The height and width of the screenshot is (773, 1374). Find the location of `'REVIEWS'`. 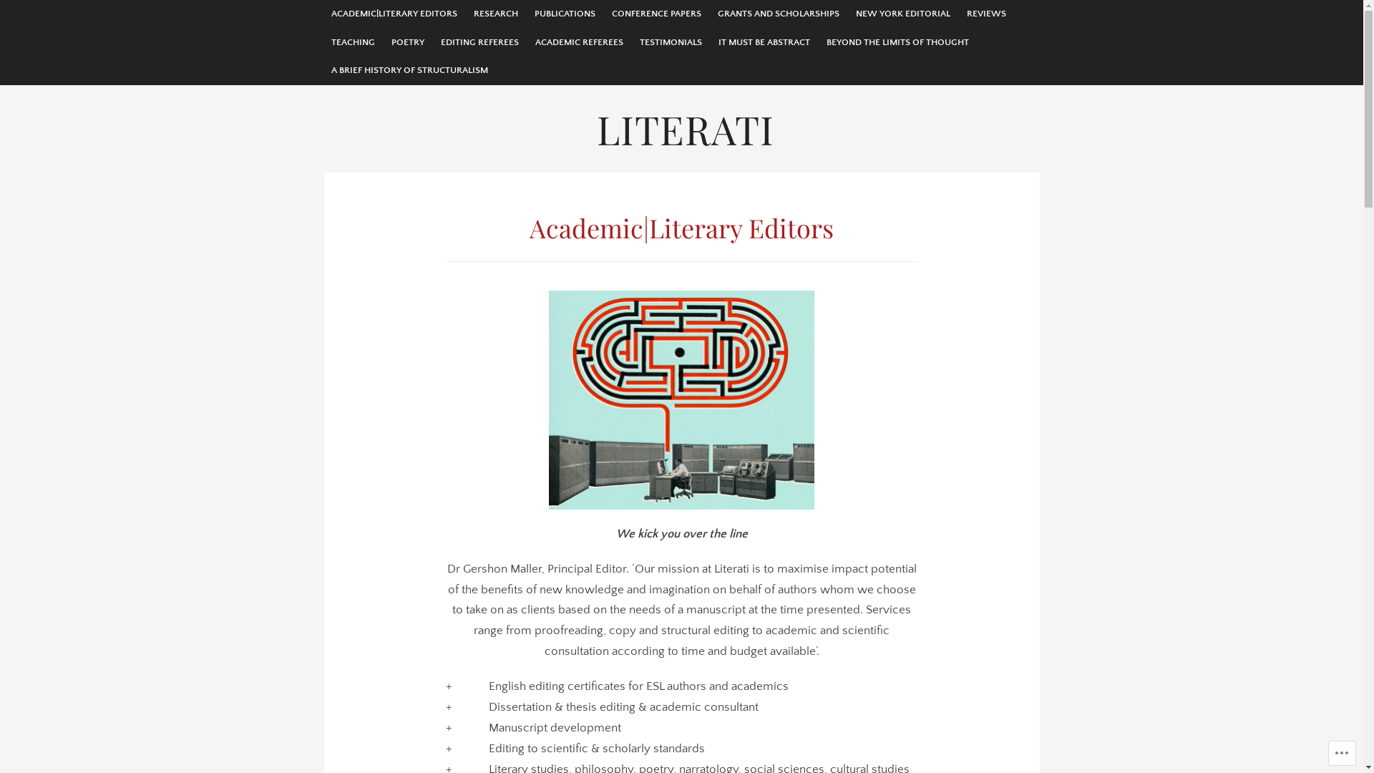

'REVIEWS' is located at coordinates (985, 14).